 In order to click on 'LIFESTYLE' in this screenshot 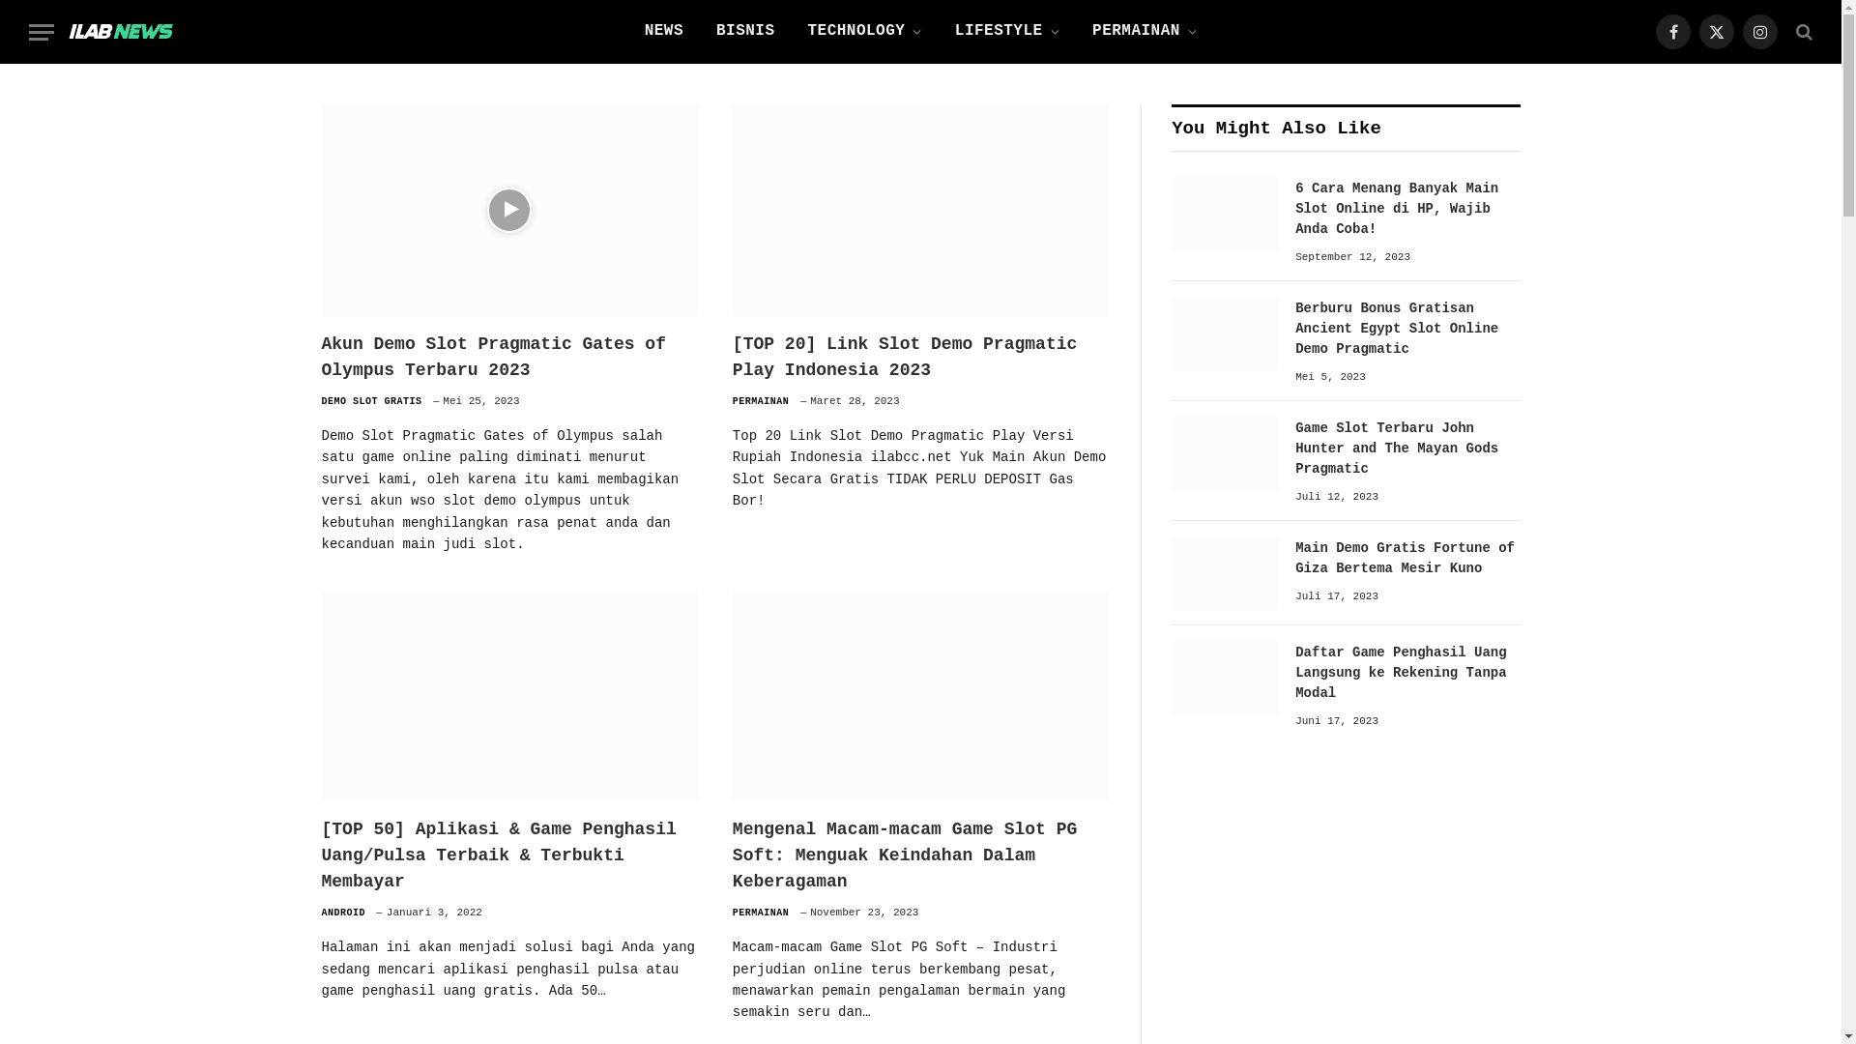, I will do `click(1005, 32)`.